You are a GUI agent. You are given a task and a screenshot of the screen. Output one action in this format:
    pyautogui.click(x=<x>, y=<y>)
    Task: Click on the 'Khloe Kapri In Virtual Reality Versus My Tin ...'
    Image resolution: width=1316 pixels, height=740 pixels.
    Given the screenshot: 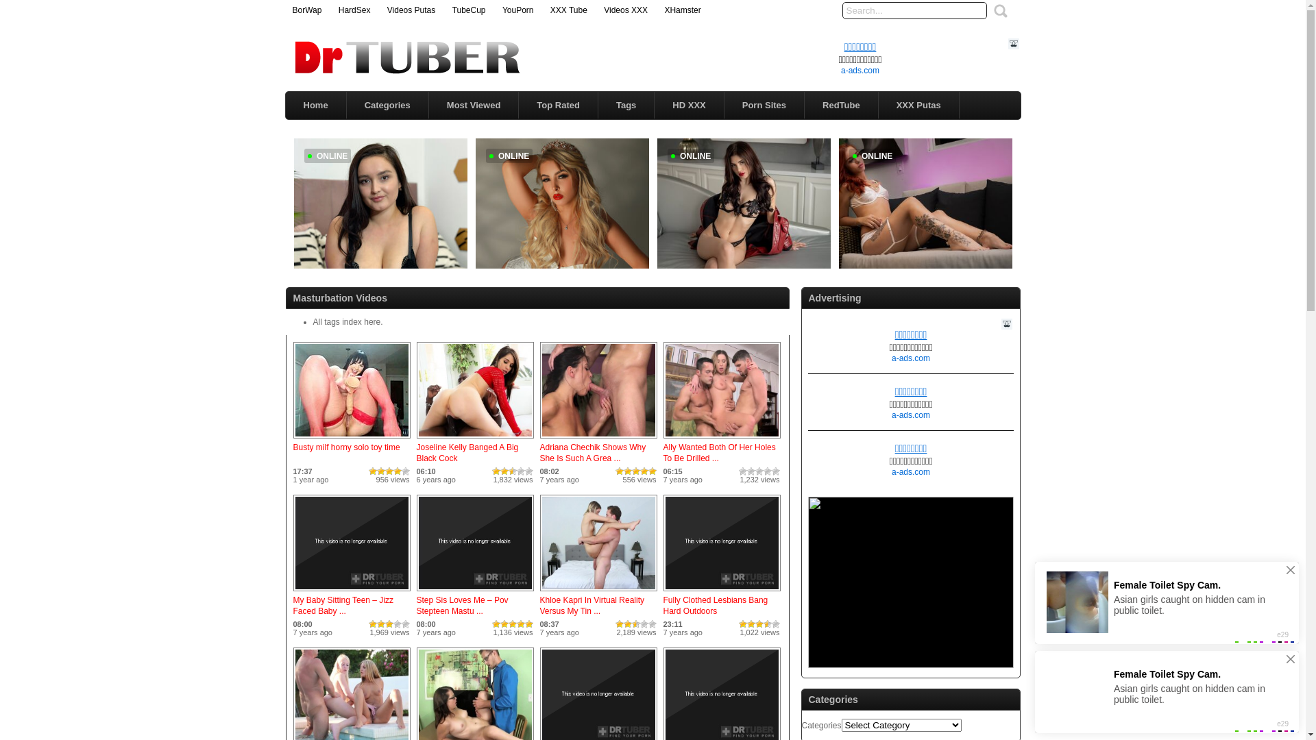 What is the action you would take?
    pyautogui.click(x=592, y=604)
    